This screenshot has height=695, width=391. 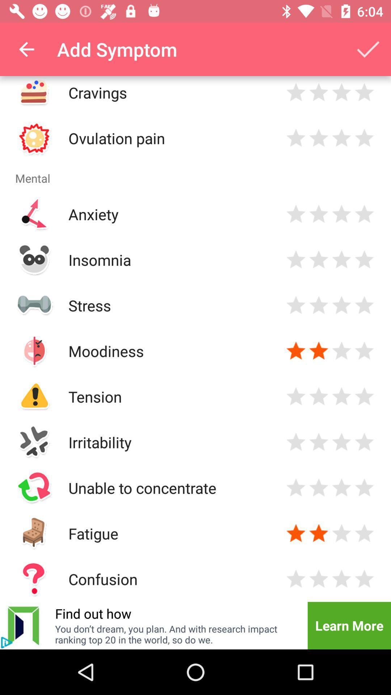 What do you see at coordinates (26, 49) in the screenshot?
I see `app next to the add symptom item` at bounding box center [26, 49].